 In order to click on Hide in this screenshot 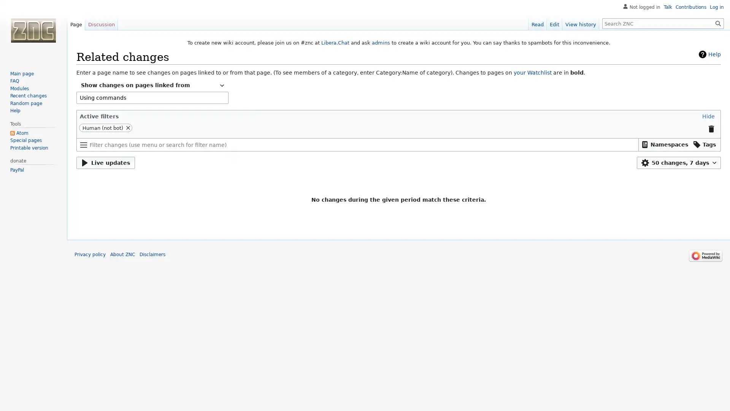, I will do `click(708, 116)`.